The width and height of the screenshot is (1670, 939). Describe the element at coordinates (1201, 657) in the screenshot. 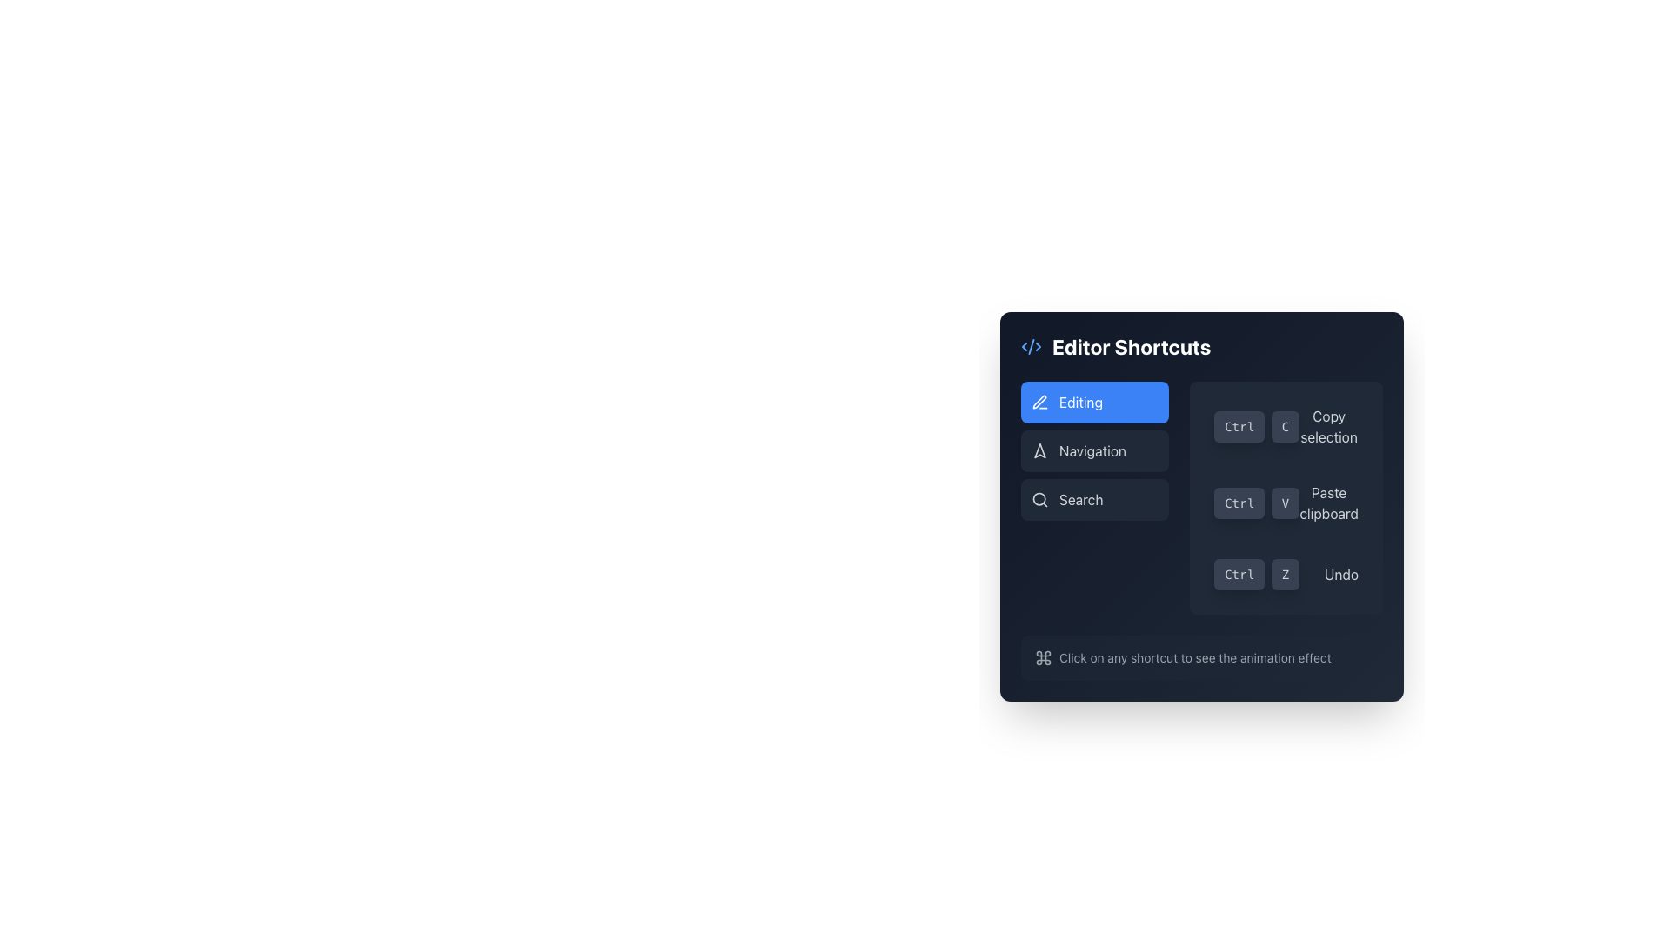

I see `informative text with an inline icon located at the bottom of the 'Editor Shortcuts' panel, centered horizontally beneath the shortcut commands` at that location.